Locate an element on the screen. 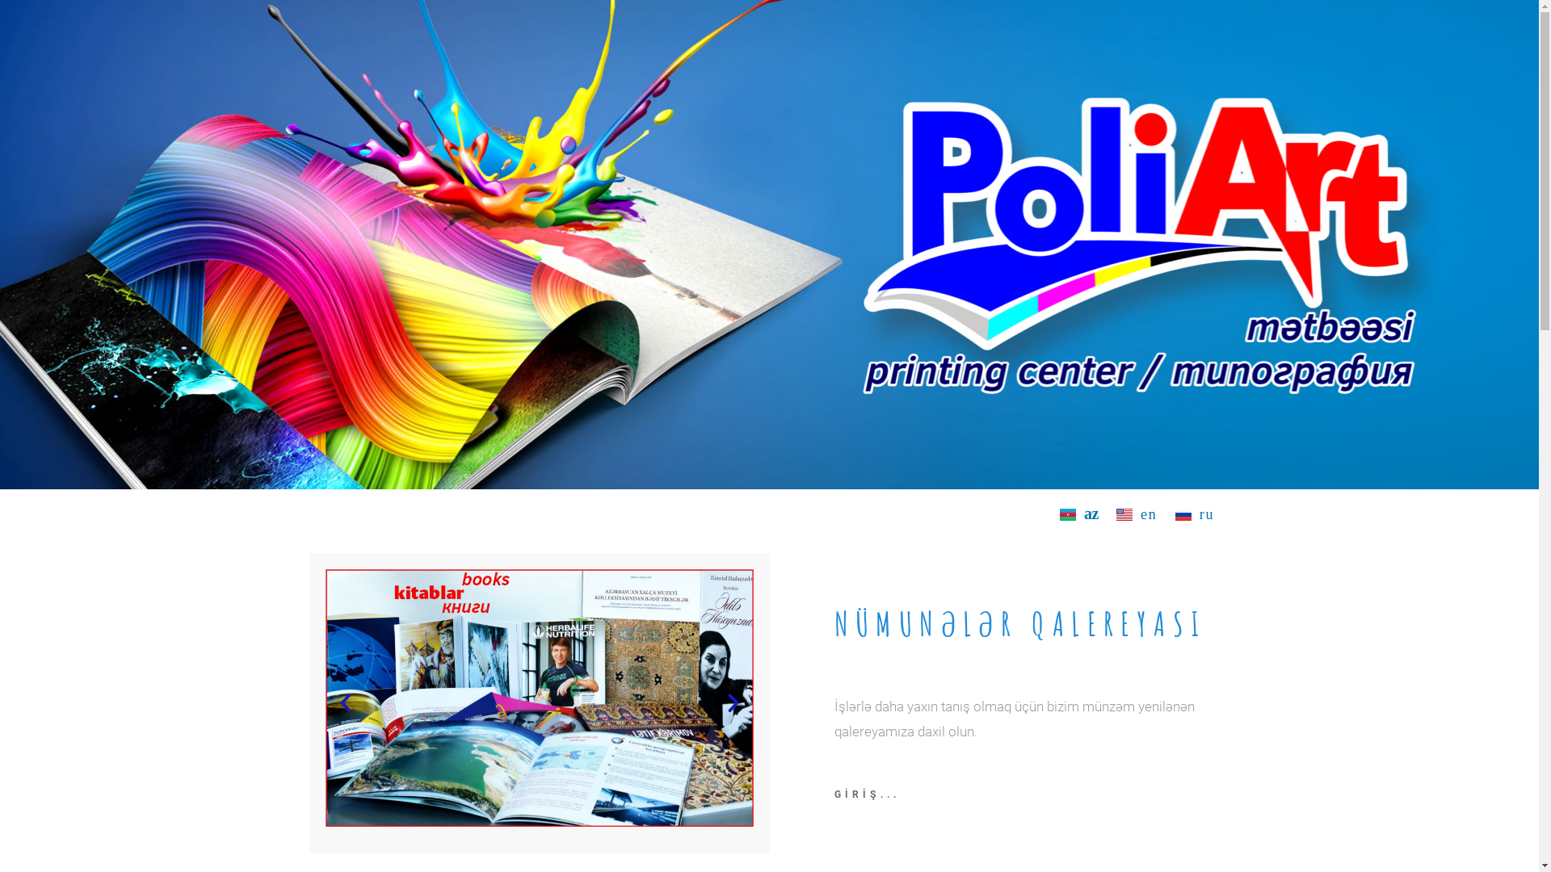  'az' is located at coordinates (1078, 514).